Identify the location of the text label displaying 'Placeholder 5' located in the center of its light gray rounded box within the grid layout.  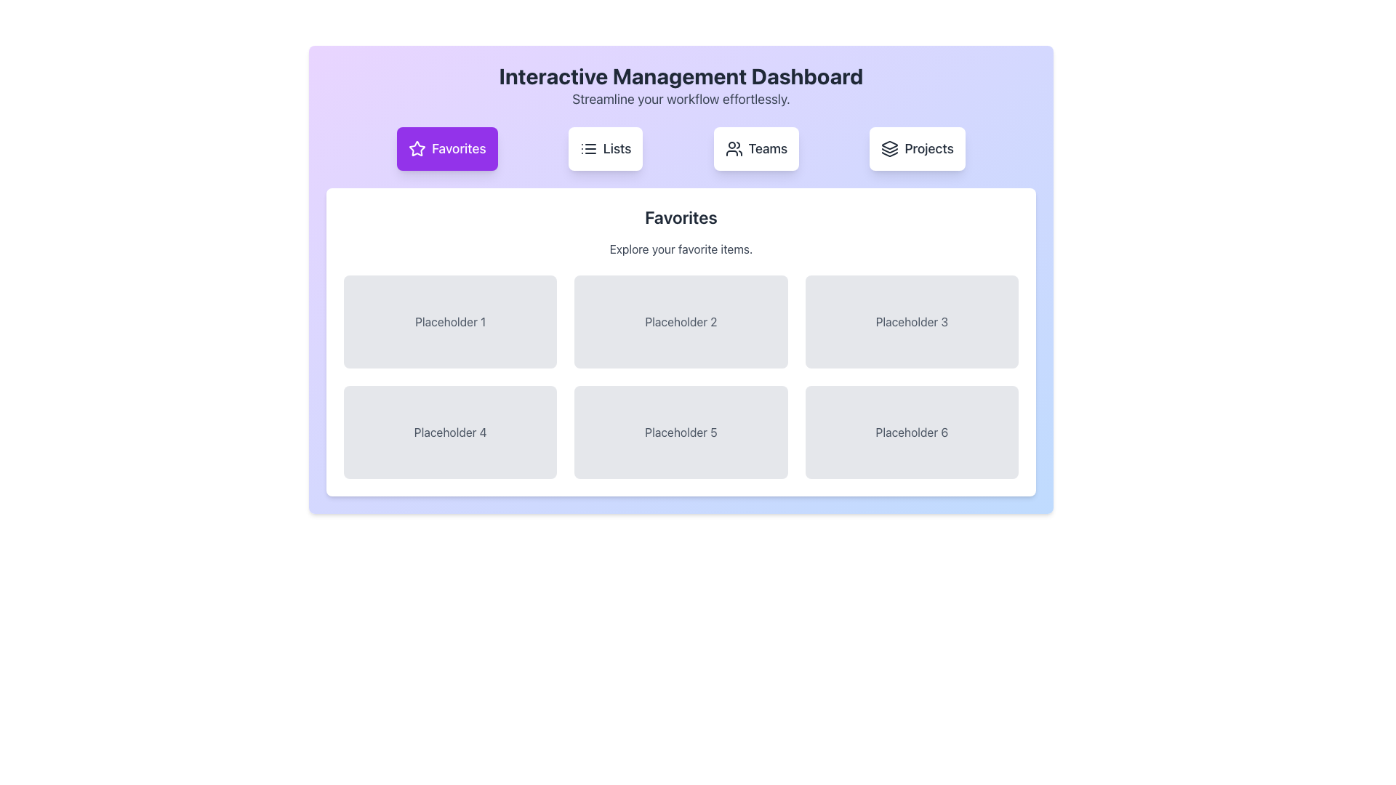
(680, 431).